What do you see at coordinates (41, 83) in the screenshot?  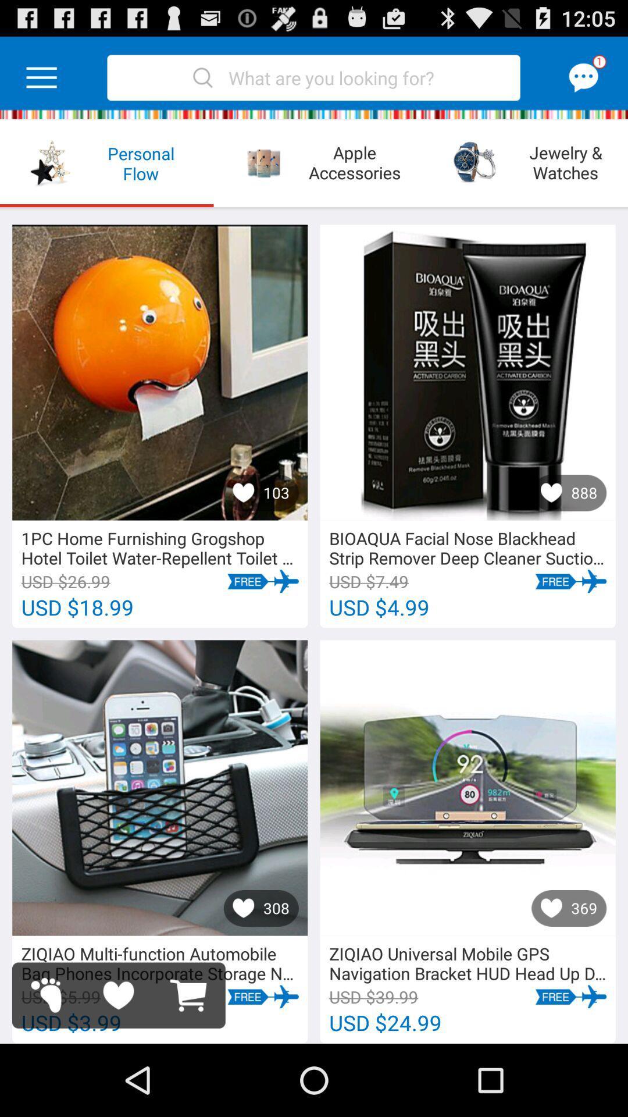 I see `the menu icon` at bounding box center [41, 83].